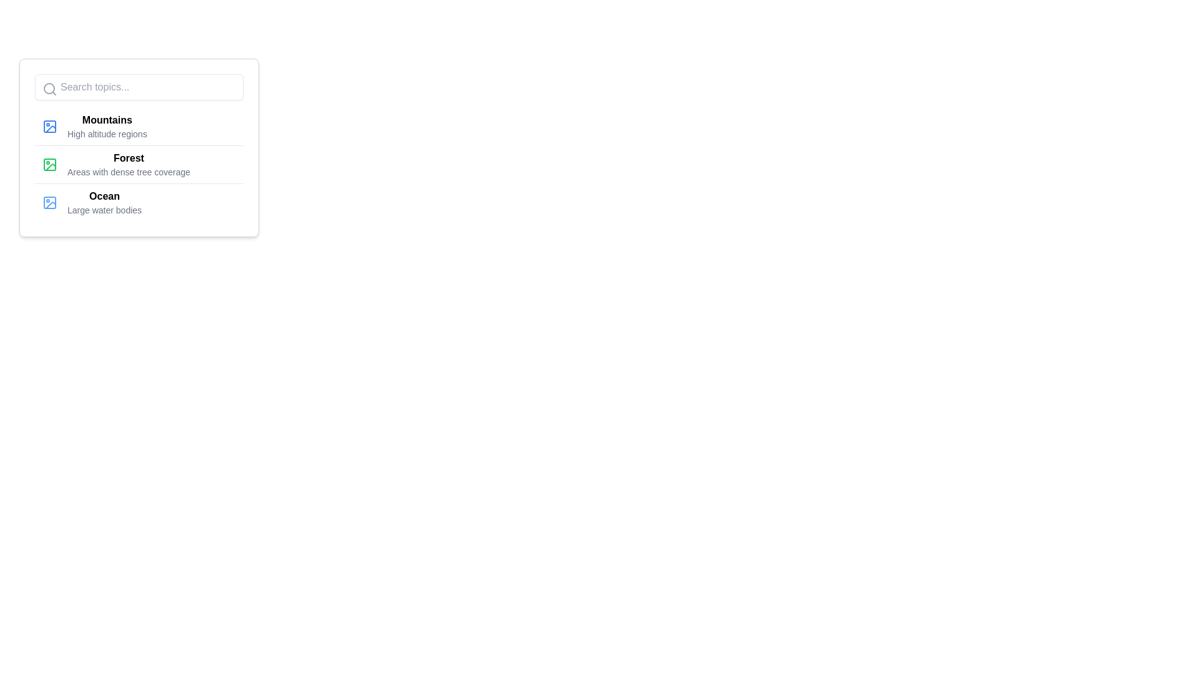 This screenshot has height=674, width=1199. What do you see at coordinates (139, 164) in the screenshot?
I see `the second item in the list that represents 'Forest' related topics` at bounding box center [139, 164].